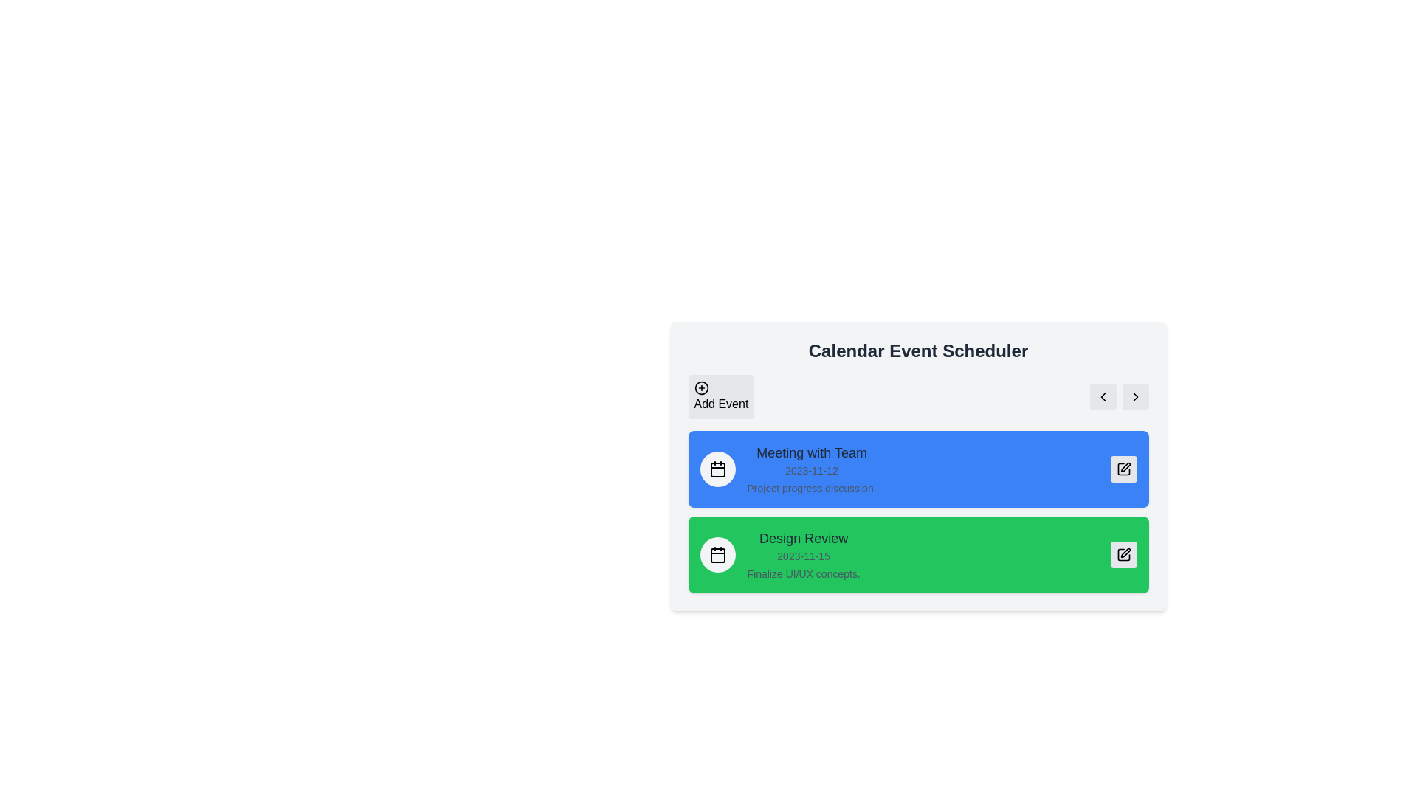 This screenshot has height=797, width=1417. Describe the element at coordinates (1103, 396) in the screenshot. I see `the left arrow navigation icon button in the calendar event scheduler interface` at that location.